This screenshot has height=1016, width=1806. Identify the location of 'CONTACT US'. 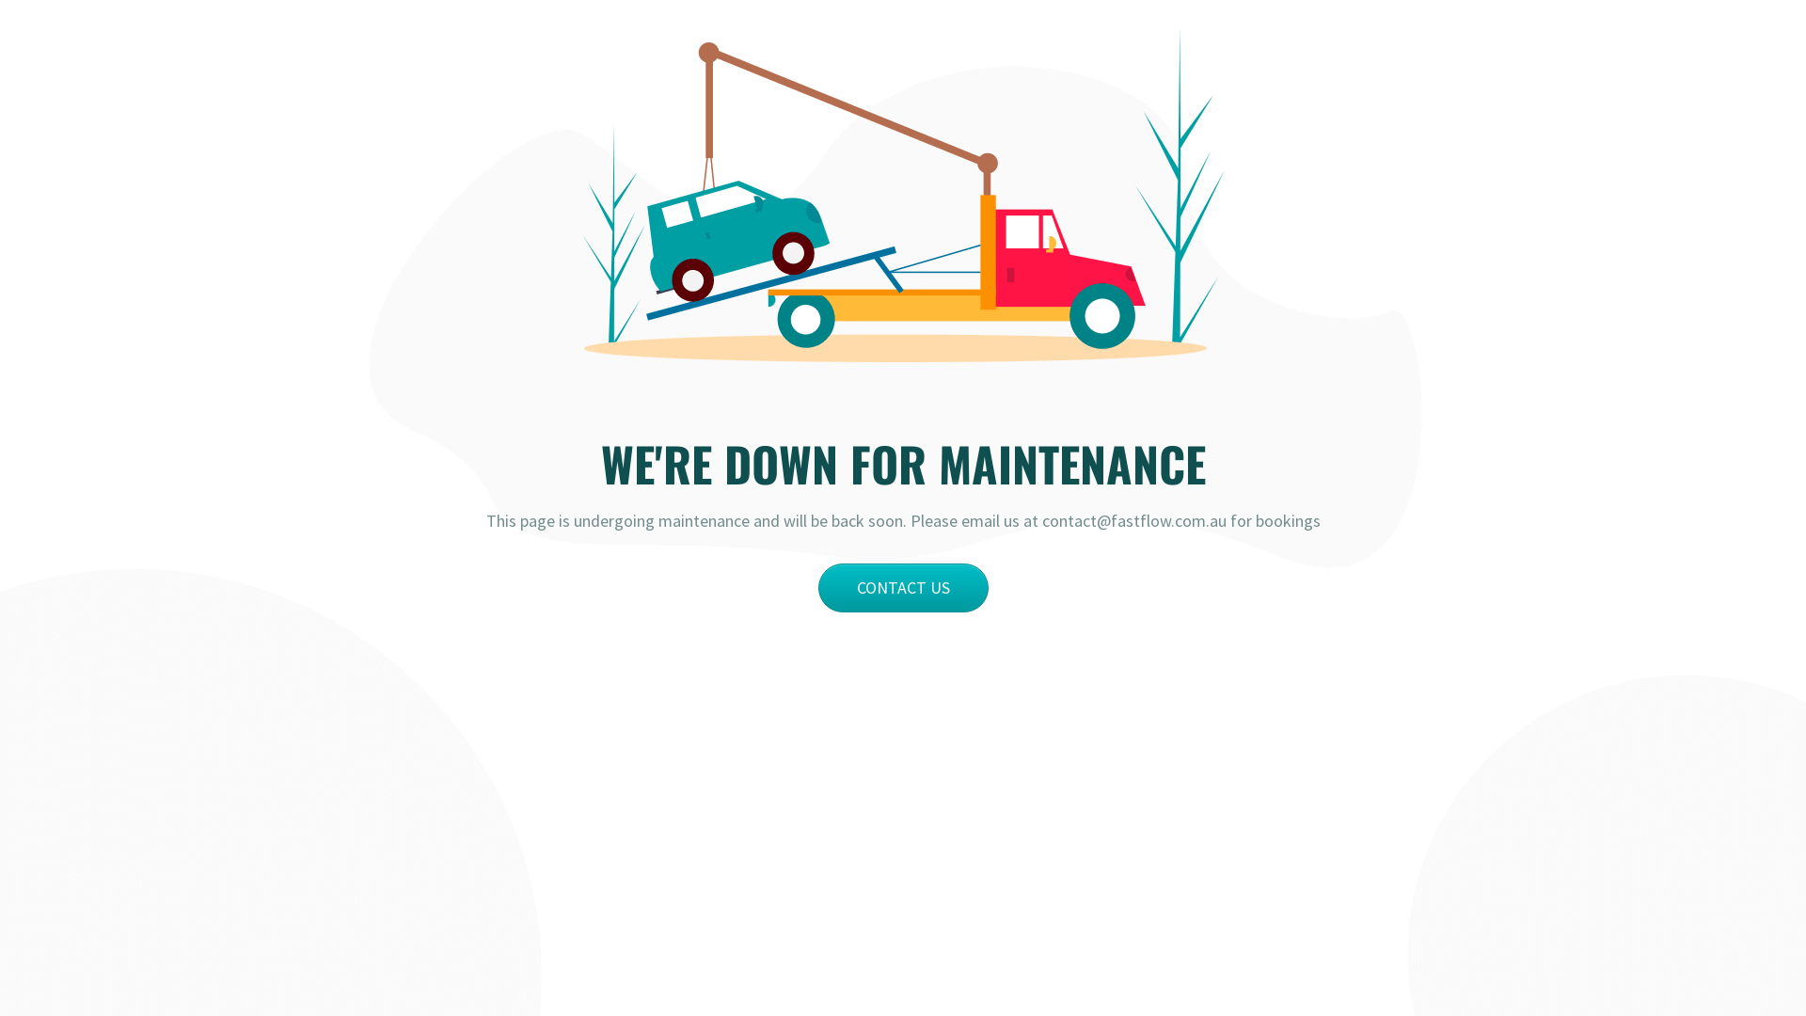
(903, 586).